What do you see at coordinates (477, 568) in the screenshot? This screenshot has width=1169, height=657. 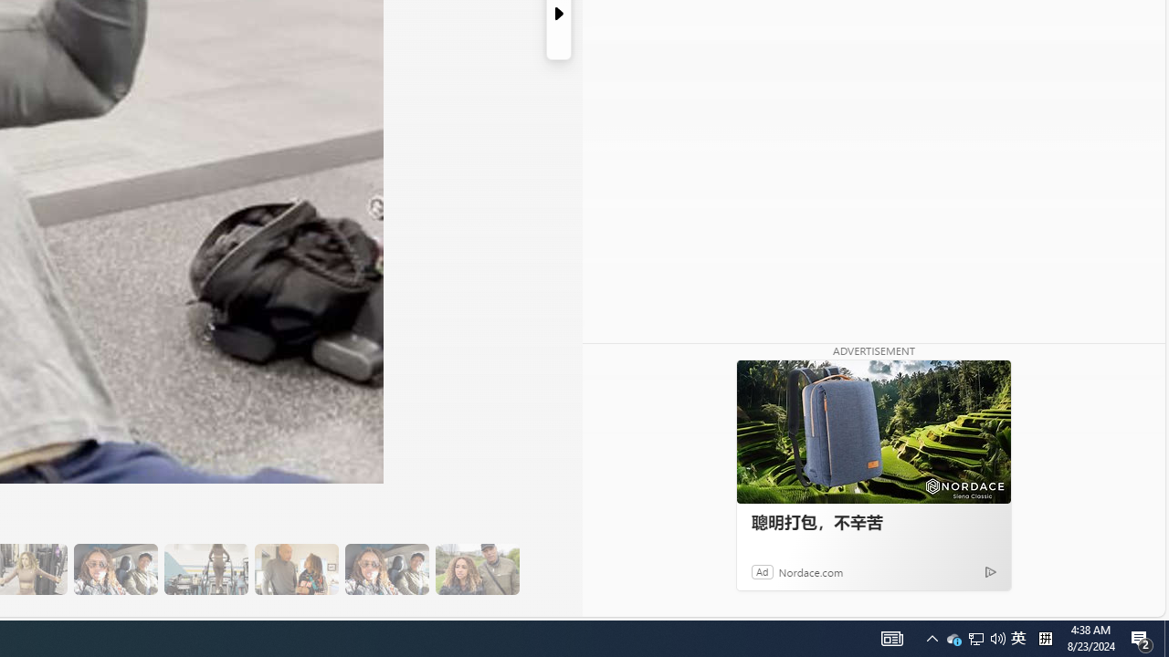 I see `'20 Overall, It Will Improve Your Health'` at bounding box center [477, 568].